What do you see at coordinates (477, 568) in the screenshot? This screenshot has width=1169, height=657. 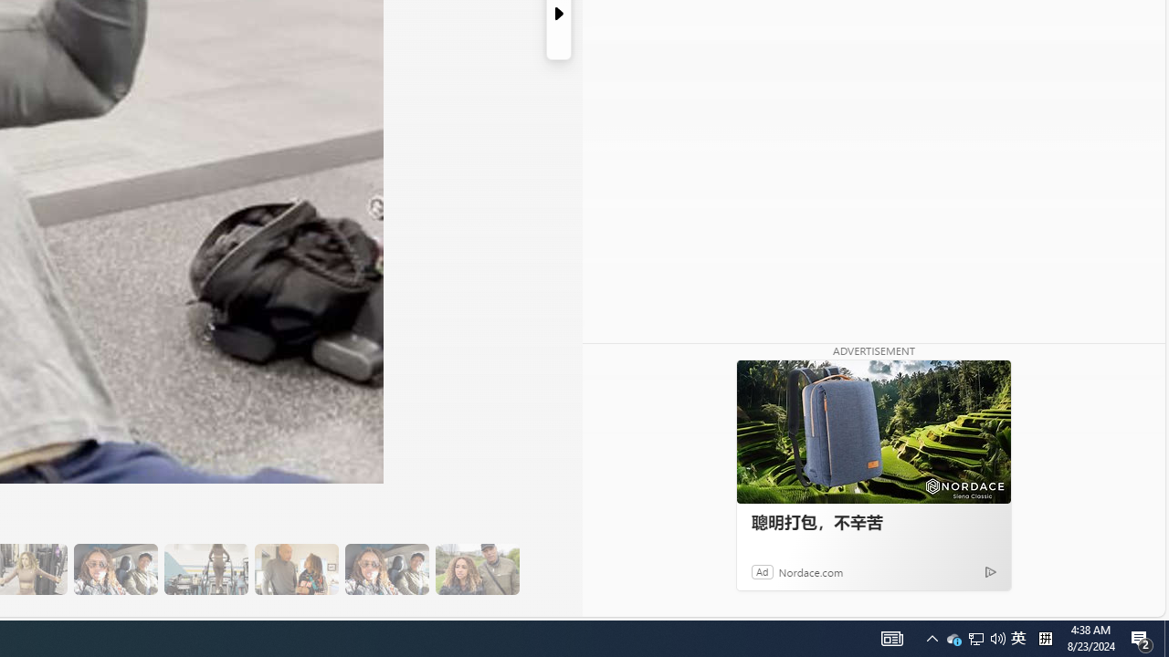 I see `'20 Overall, It Will Improve Your Health'` at bounding box center [477, 568].